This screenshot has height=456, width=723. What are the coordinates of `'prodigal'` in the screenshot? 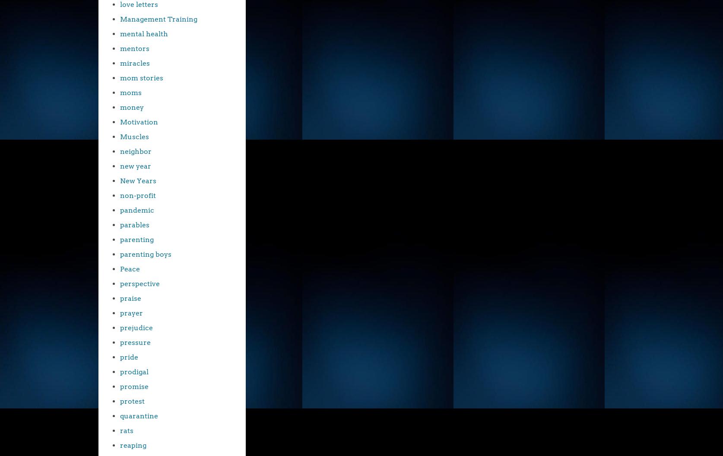 It's located at (134, 372).